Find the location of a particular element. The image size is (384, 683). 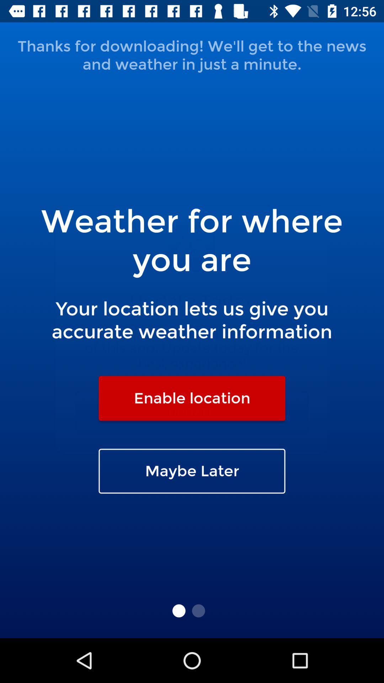

the enable location is located at coordinates (192, 398).